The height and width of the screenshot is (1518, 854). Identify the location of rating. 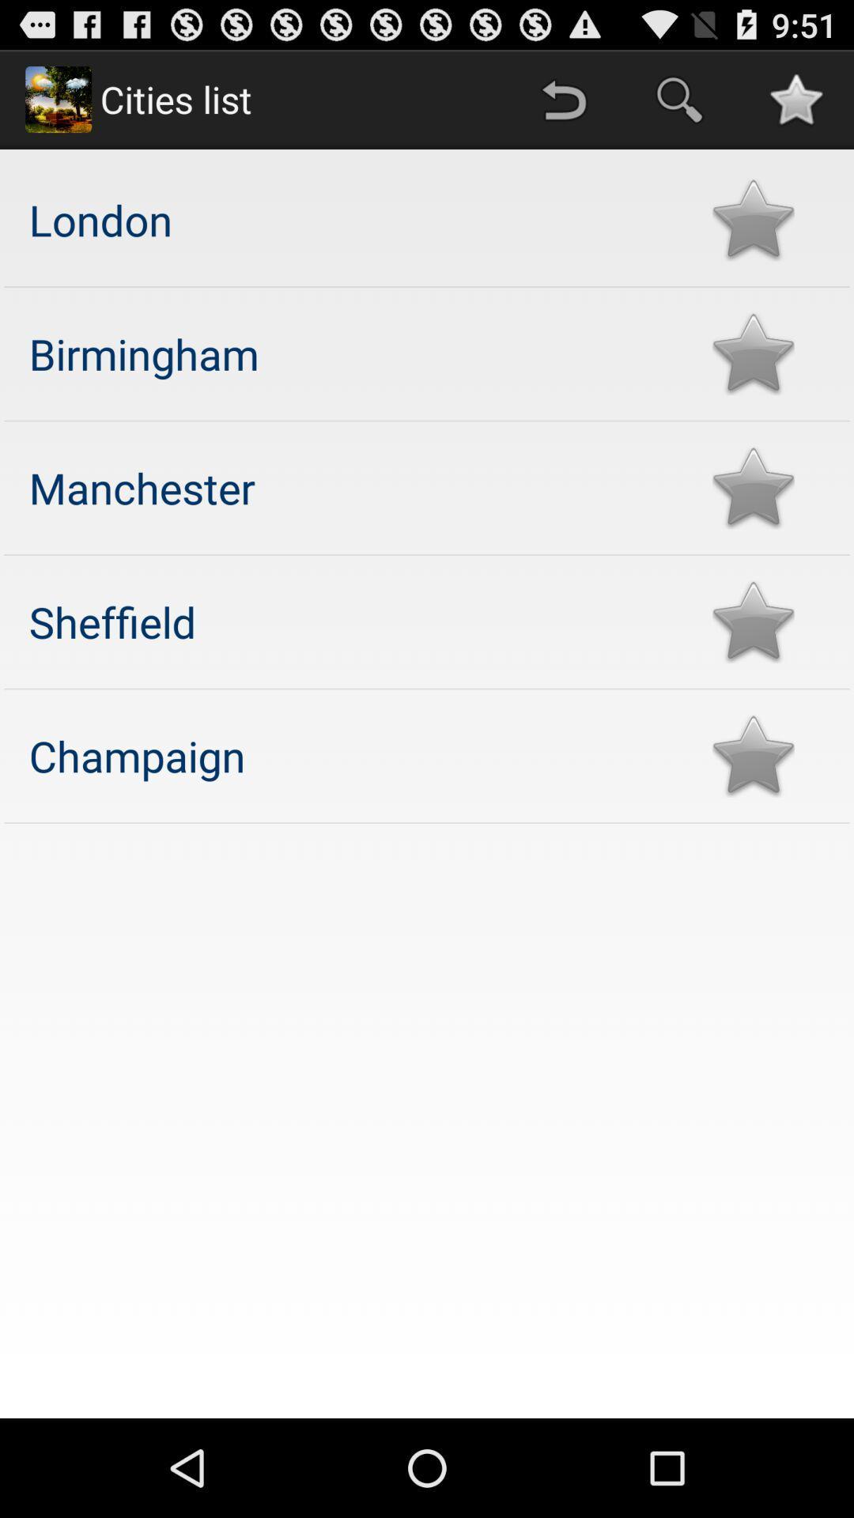
(752, 755).